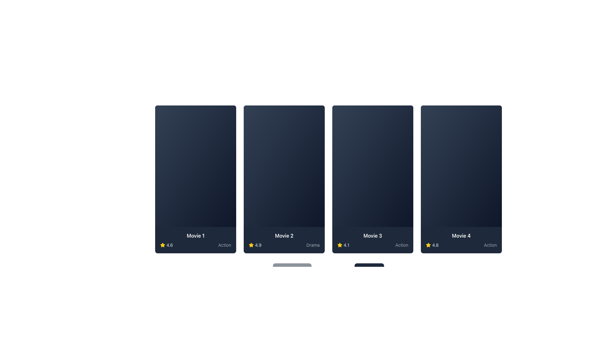 The height and width of the screenshot is (339, 603). Describe the element at coordinates (313, 245) in the screenshot. I see `the text label indicating the genre of the movie displayed in the card labeled 'Movie 2', located at the bottom-right corner adjacent to the rating '4.9' and the star icon` at that location.